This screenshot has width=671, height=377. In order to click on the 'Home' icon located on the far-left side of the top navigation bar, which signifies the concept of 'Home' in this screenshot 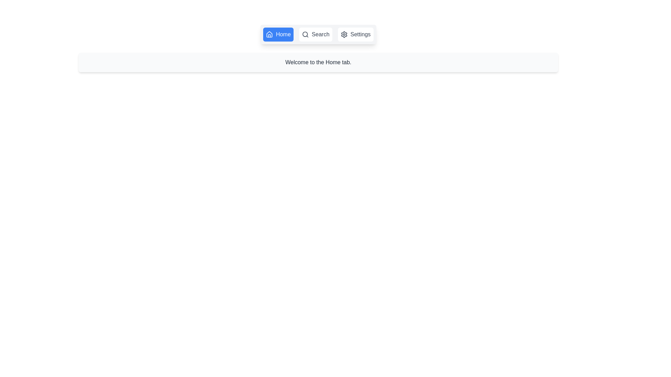, I will do `click(269, 34)`.